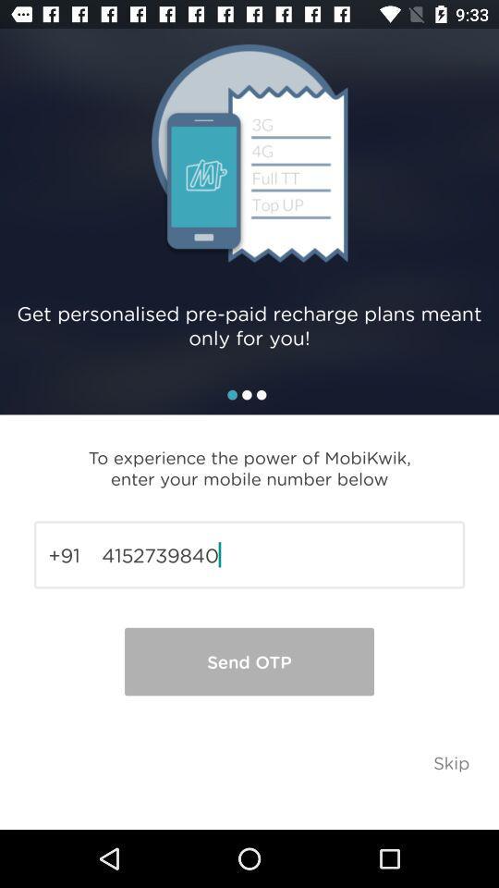 Image resolution: width=499 pixels, height=888 pixels. I want to click on icon below to experience the item, so click(249, 555).